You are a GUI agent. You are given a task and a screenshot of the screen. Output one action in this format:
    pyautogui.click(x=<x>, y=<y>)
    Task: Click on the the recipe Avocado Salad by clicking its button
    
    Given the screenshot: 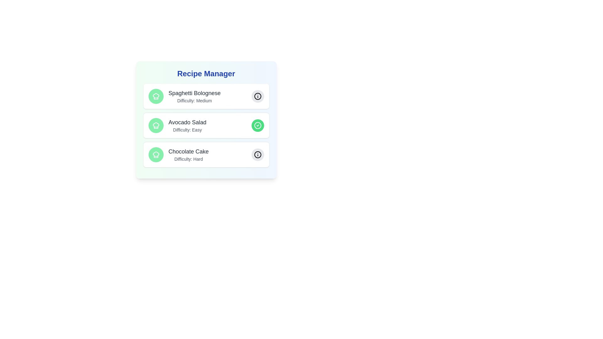 What is the action you would take?
    pyautogui.click(x=258, y=126)
    